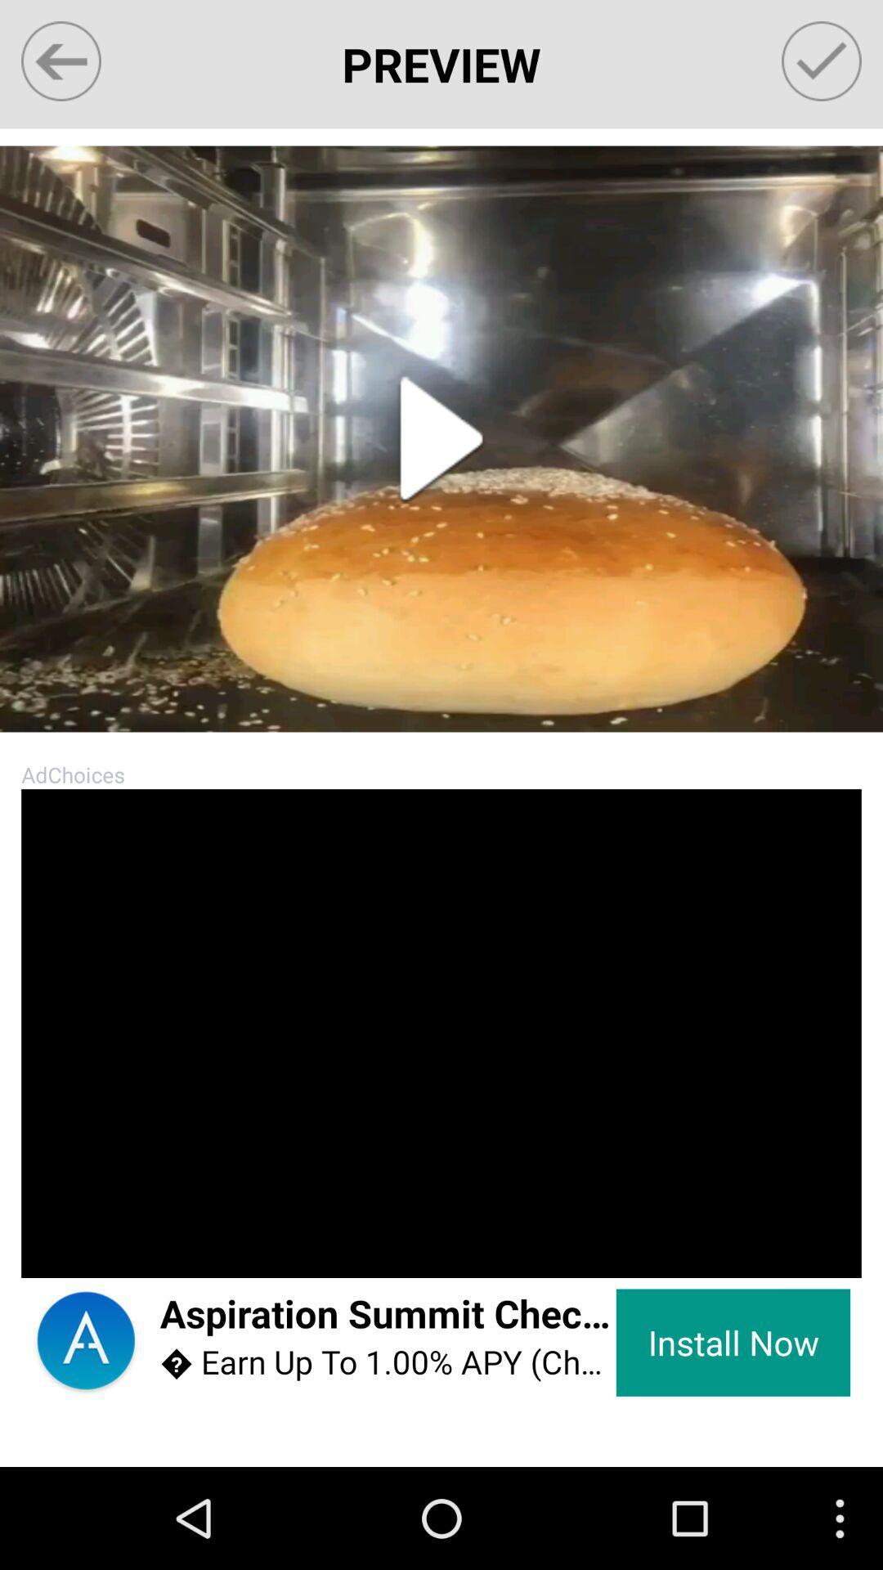 Image resolution: width=883 pixels, height=1570 pixels. Describe the element at coordinates (51, 1246) in the screenshot. I see `the item to the left of aspiration summit checking app` at that location.